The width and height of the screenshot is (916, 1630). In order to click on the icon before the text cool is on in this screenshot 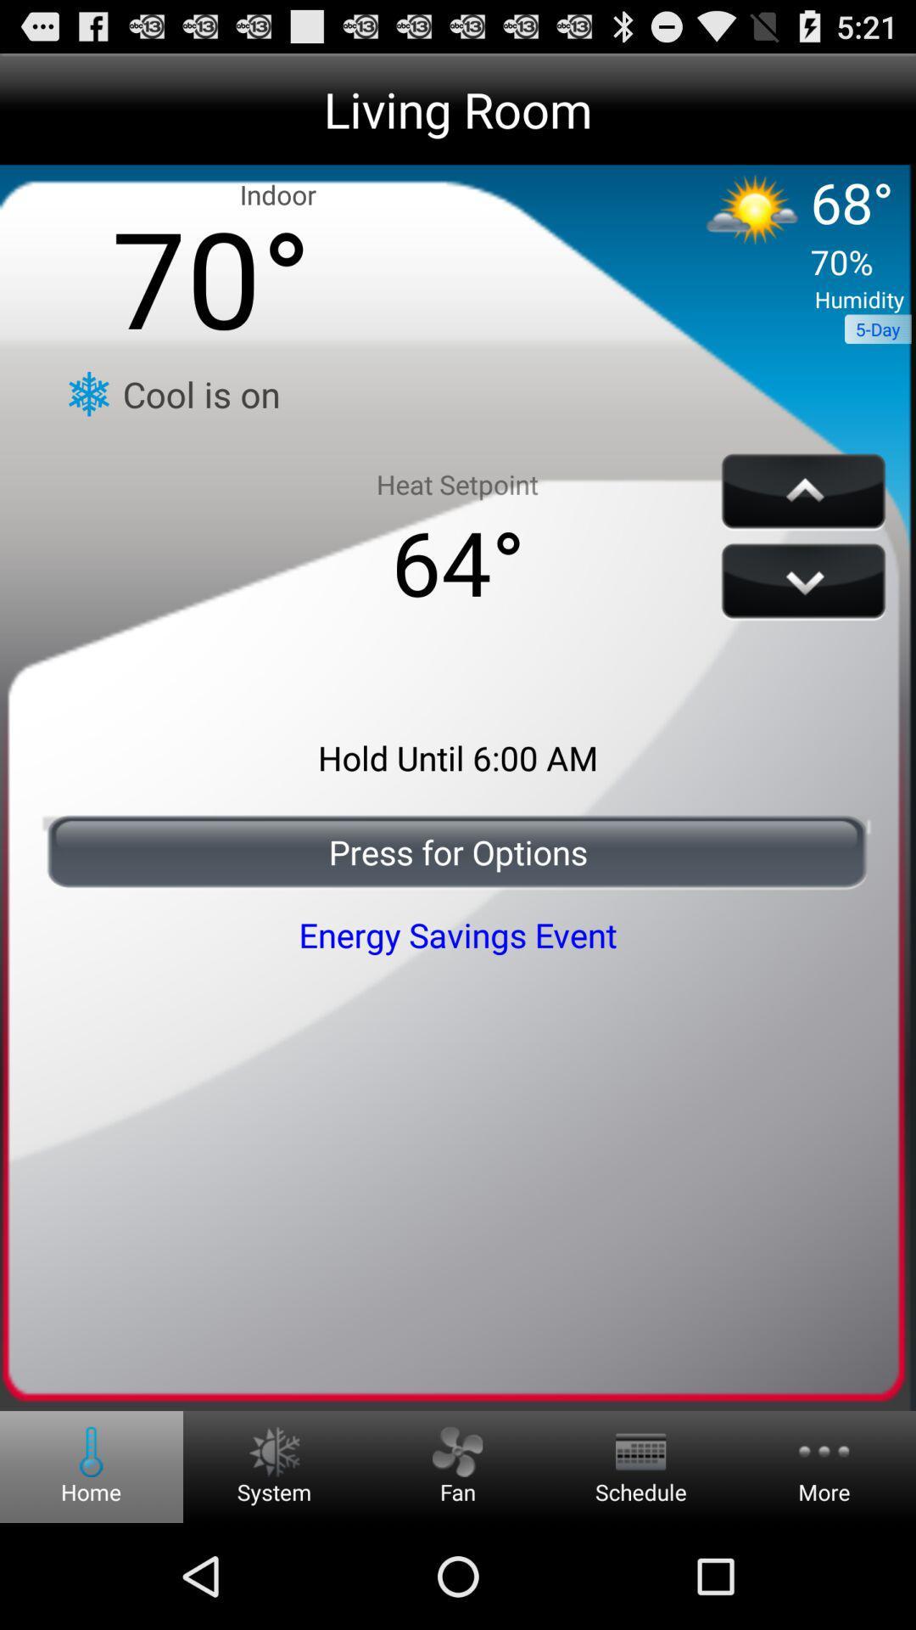, I will do `click(88, 393)`.